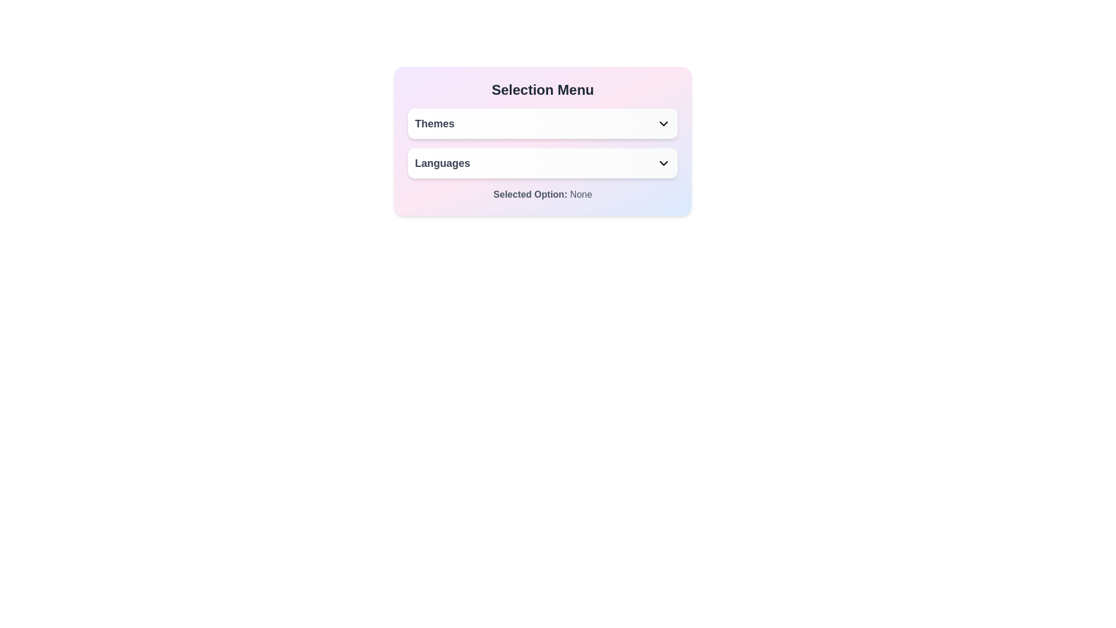 The width and height of the screenshot is (1116, 628). Describe the element at coordinates (530, 194) in the screenshot. I see `the text label displaying 'Selected Option:' which is in bold and located in the lower section of a card layout` at that location.